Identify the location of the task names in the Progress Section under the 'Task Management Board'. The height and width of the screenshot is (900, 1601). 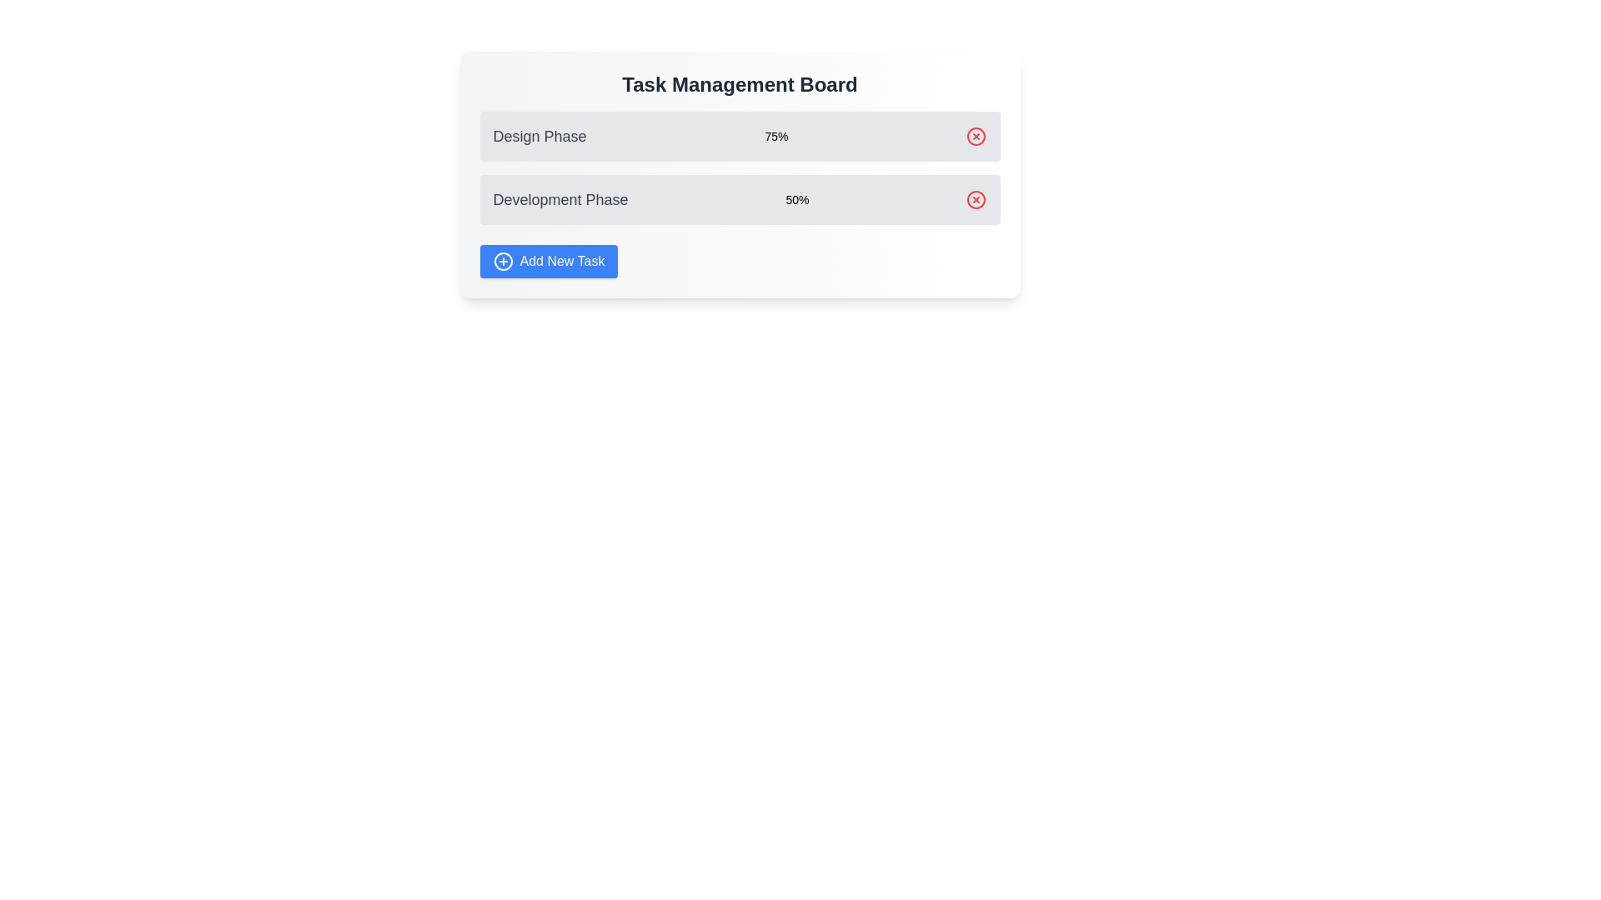
(739, 194).